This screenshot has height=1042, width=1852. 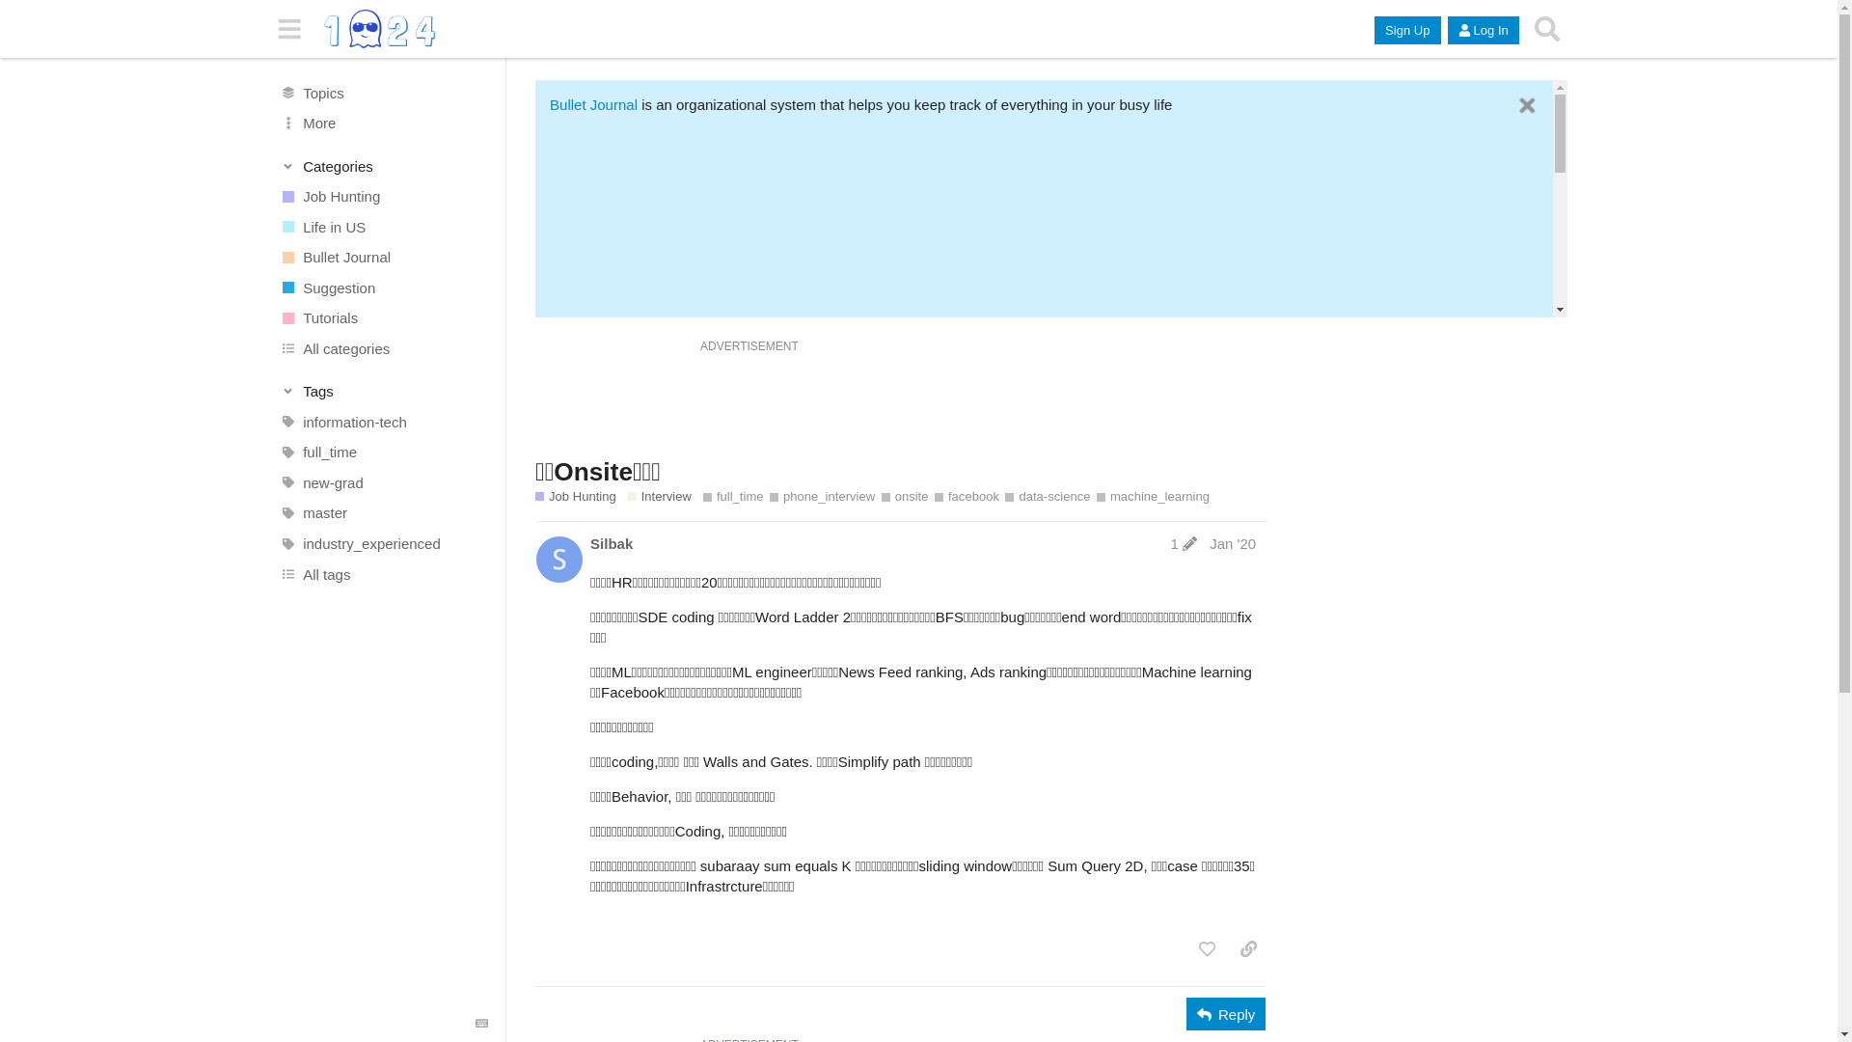 I want to click on 'All tags', so click(x=383, y=572).